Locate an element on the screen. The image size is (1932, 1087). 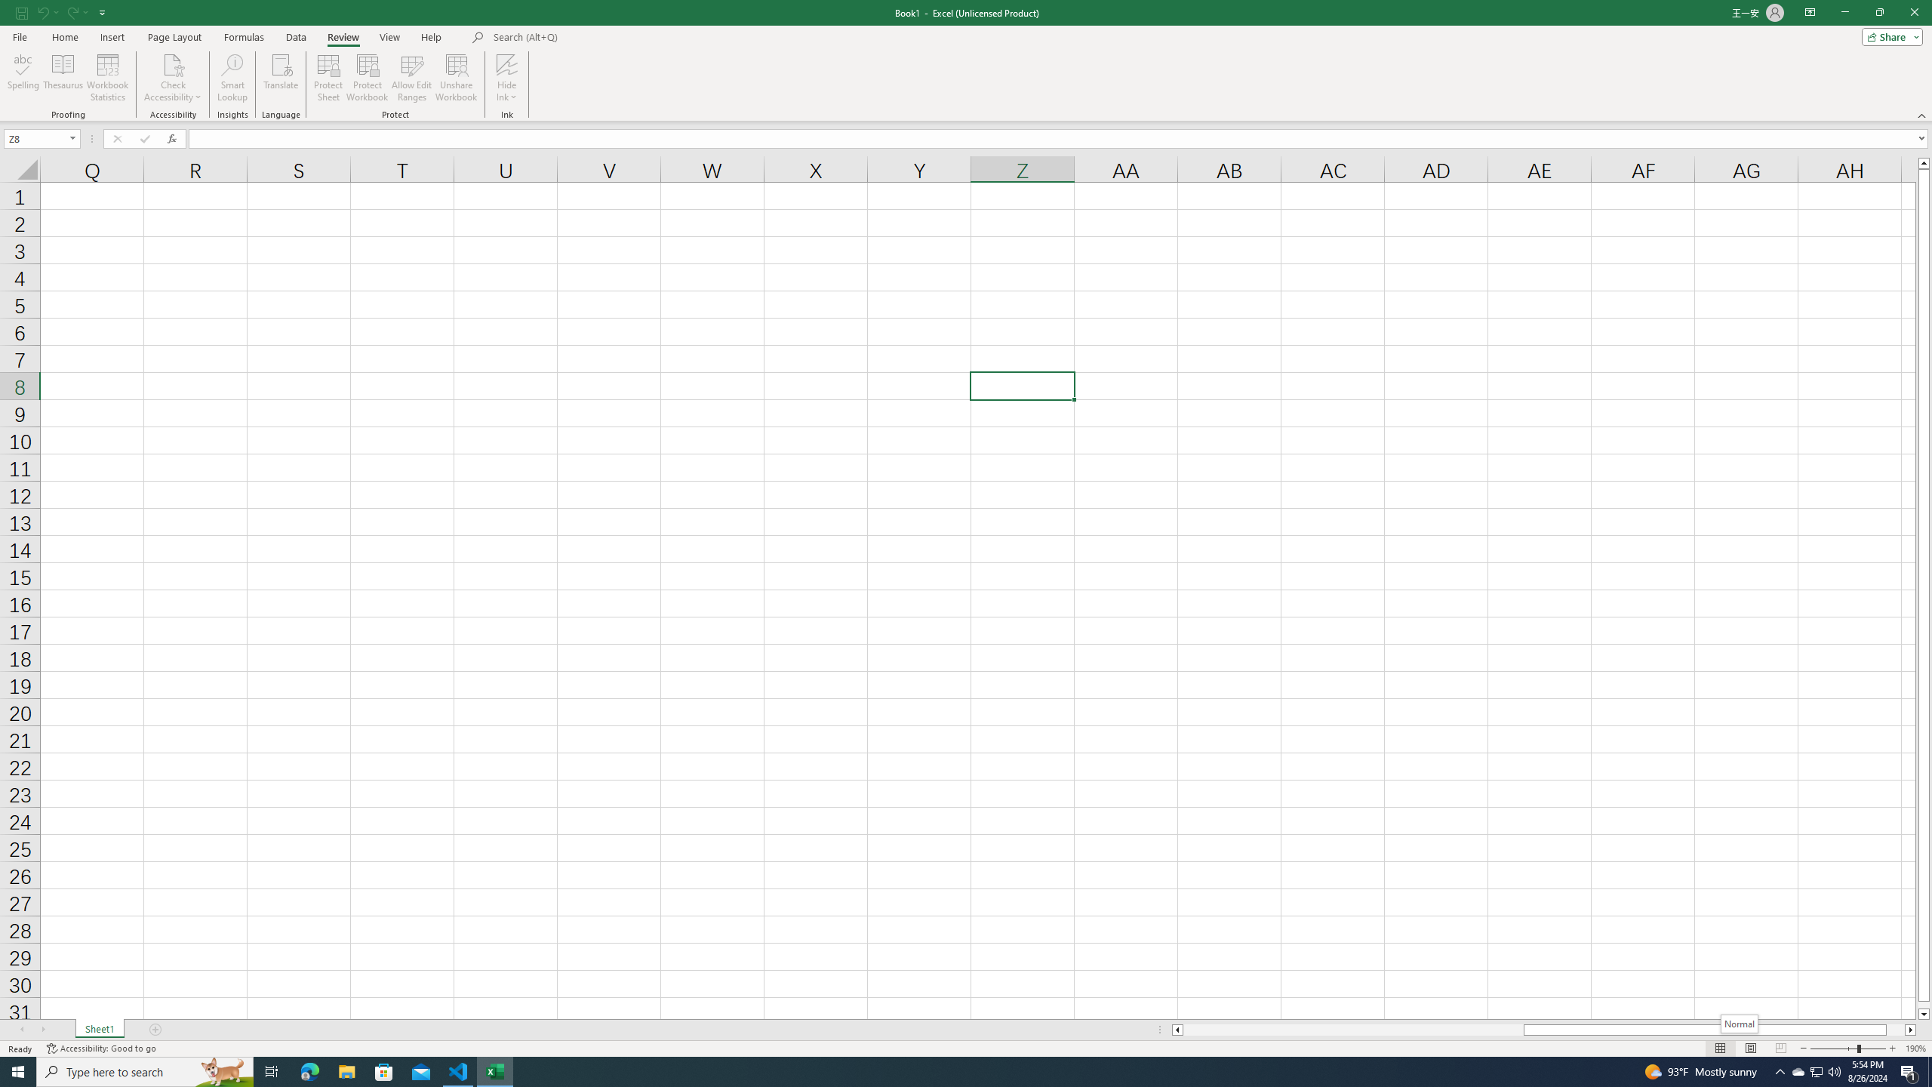
'Workbook Statistics' is located at coordinates (107, 78).